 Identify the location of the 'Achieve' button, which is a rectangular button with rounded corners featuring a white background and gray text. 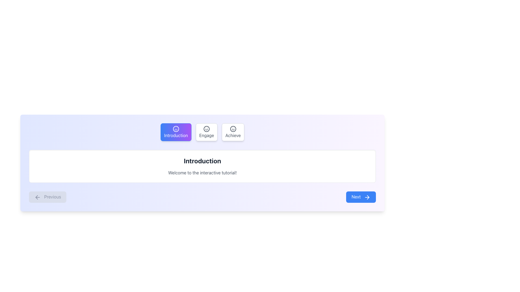
(233, 132).